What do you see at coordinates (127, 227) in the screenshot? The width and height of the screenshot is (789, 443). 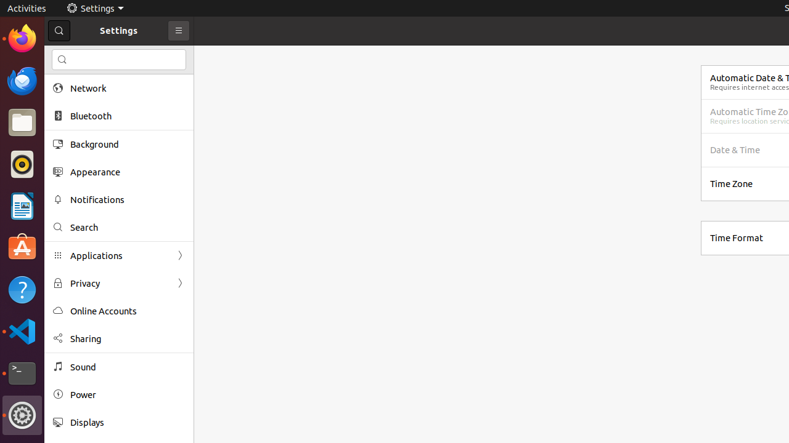 I see `'Search'` at bounding box center [127, 227].